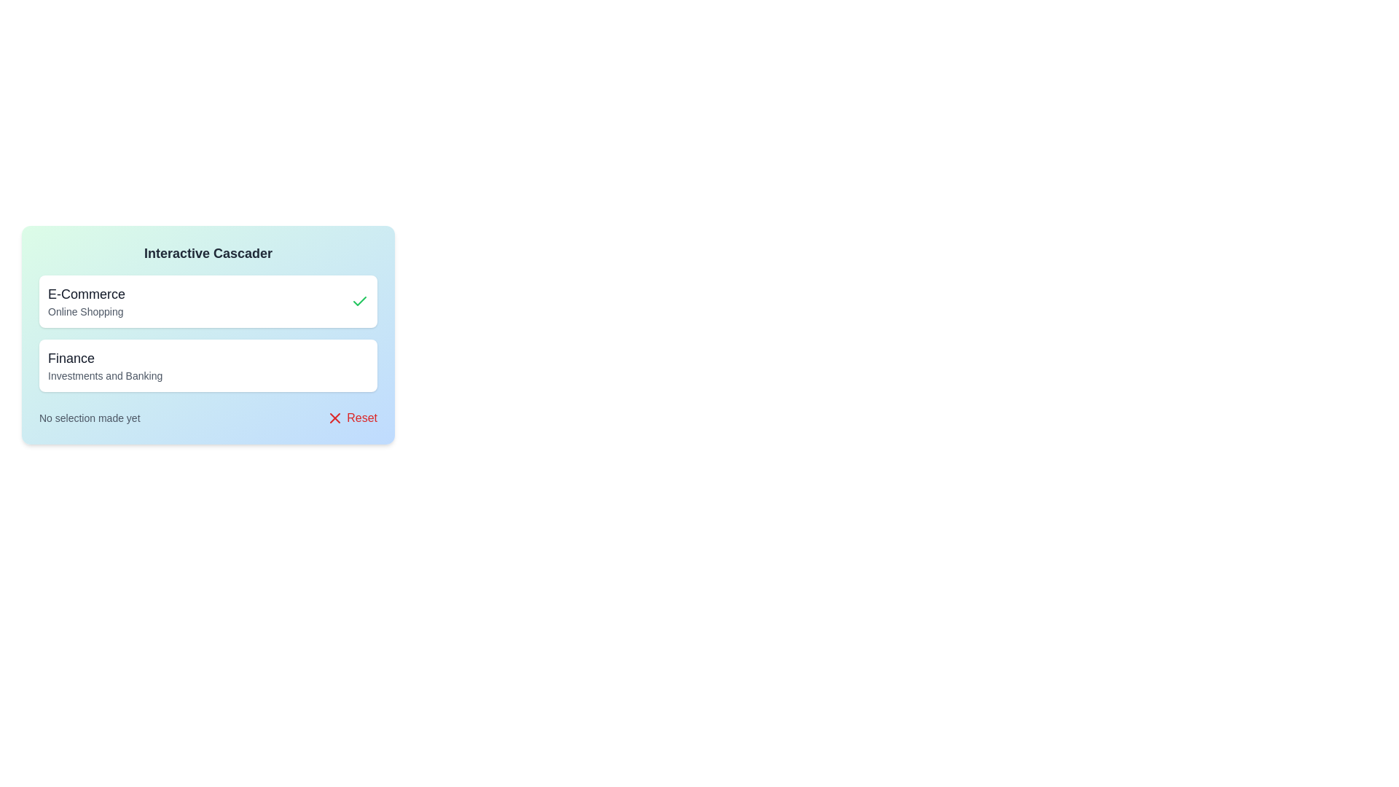 The width and height of the screenshot is (1399, 787). I want to click on green checkmark checkbox icon located to the right of the 'E-Commerce' label in the dropdown interface, so click(360, 300).